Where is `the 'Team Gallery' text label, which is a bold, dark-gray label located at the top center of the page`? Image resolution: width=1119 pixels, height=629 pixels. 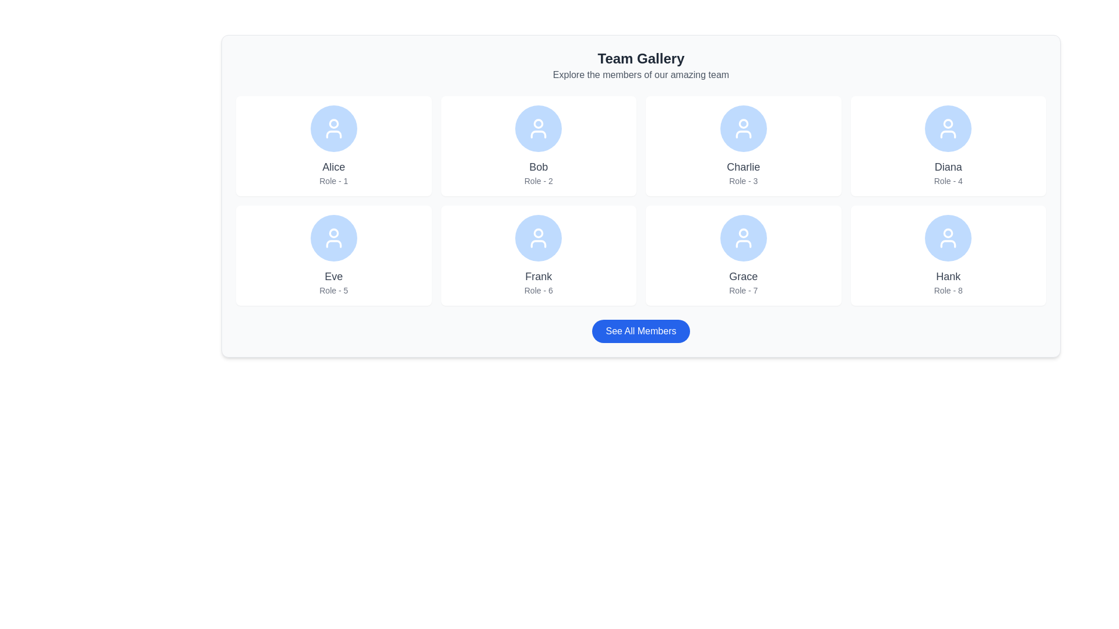 the 'Team Gallery' text label, which is a bold, dark-gray label located at the top center of the page is located at coordinates (640, 58).